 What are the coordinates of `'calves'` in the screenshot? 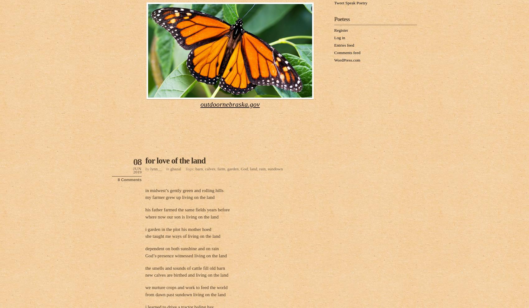 It's located at (210, 168).